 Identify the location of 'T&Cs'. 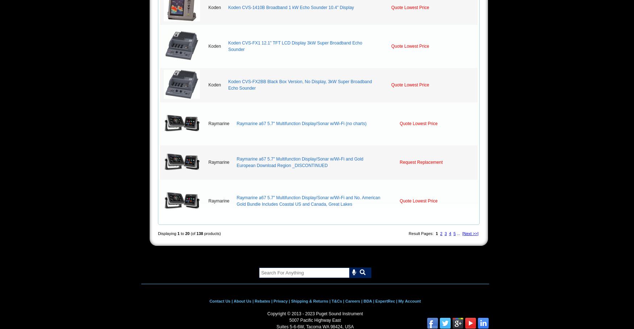
(336, 301).